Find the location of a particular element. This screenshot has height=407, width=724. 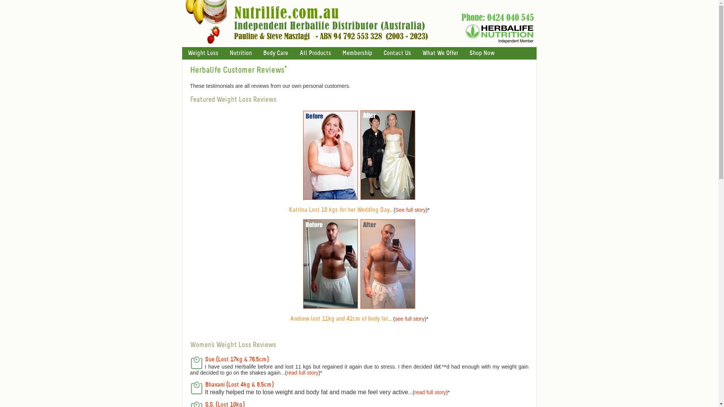

'All Products' is located at coordinates (315, 53).